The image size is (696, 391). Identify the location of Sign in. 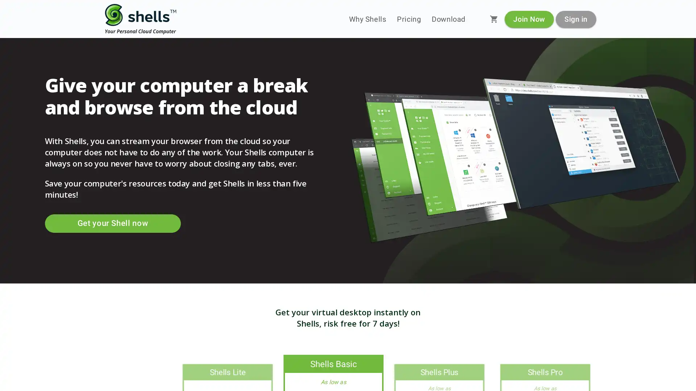
(575, 18).